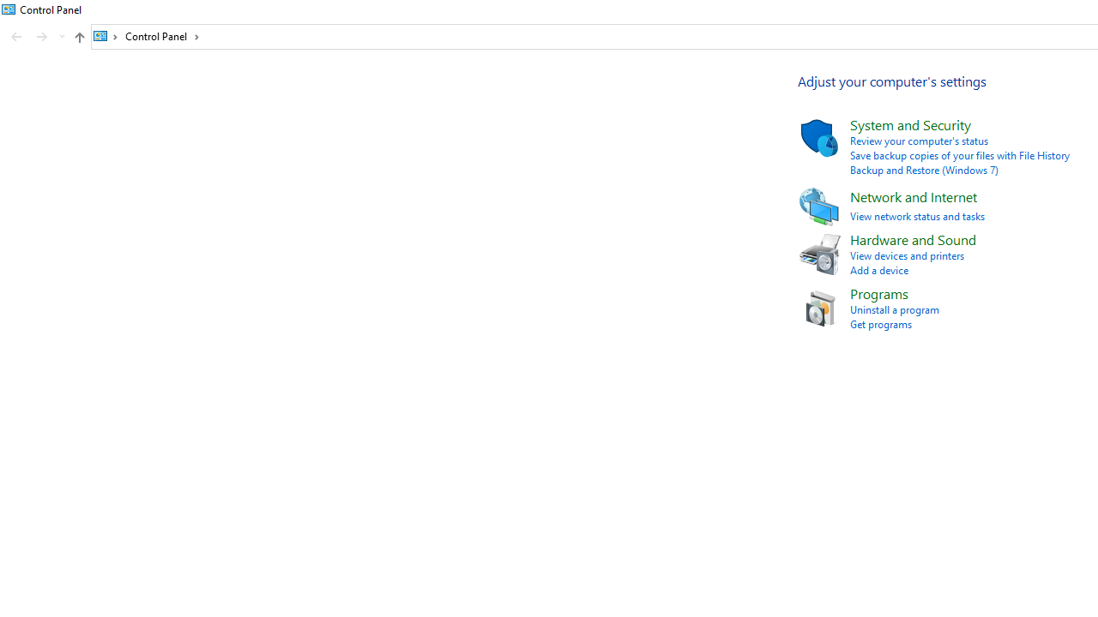 This screenshot has width=1098, height=617. Describe the element at coordinates (78, 37) in the screenshot. I see `'Up to "Desktop" (Alt + Up Arrow)'` at that location.